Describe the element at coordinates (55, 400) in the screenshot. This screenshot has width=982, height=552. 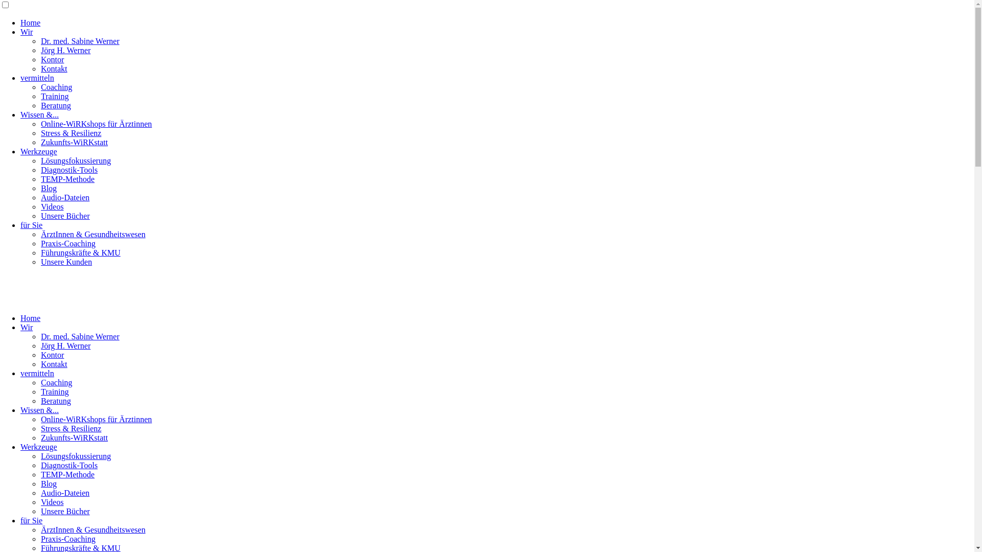
I see `'Beratung'` at that location.